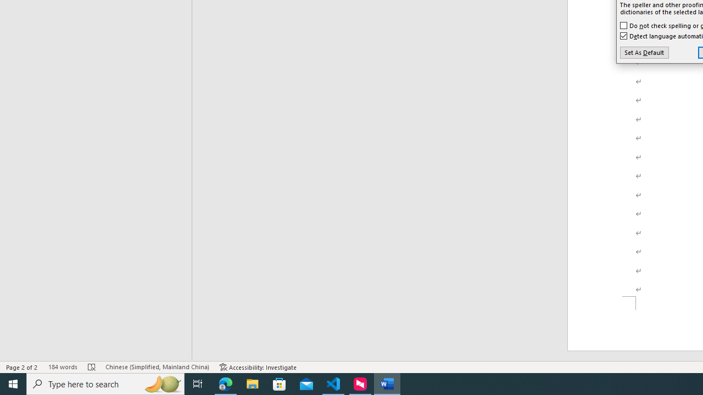 Image resolution: width=703 pixels, height=395 pixels. What do you see at coordinates (387, 383) in the screenshot?
I see `'Word - 1 running window'` at bounding box center [387, 383].